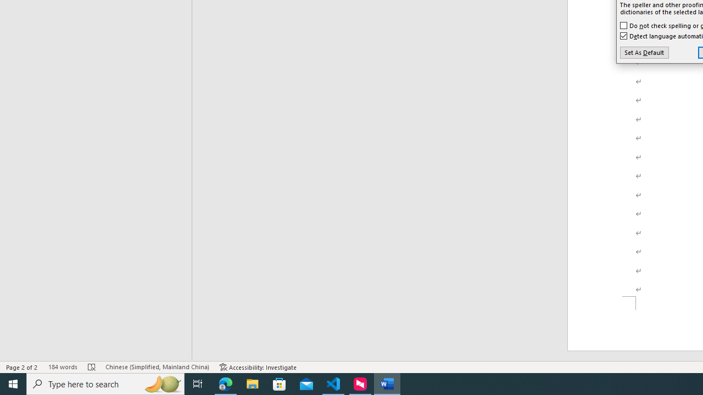 Image resolution: width=703 pixels, height=395 pixels. What do you see at coordinates (387, 383) in the screenshot?
I see `'Word - 1 running window'` at bounding box center [387, 383].